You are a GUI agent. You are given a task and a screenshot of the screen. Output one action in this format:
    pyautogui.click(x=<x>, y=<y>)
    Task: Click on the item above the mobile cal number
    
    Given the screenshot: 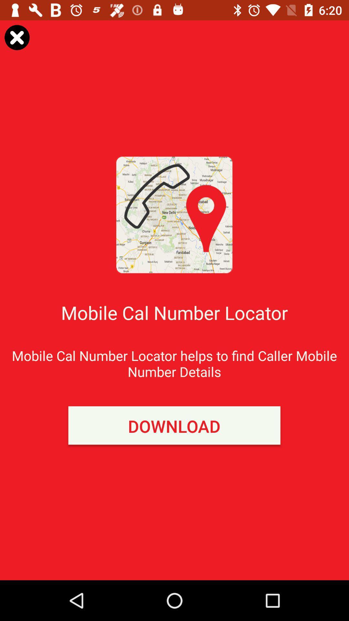 What is the action you would take?
    pyautogui.click(x=16, y=37)
    